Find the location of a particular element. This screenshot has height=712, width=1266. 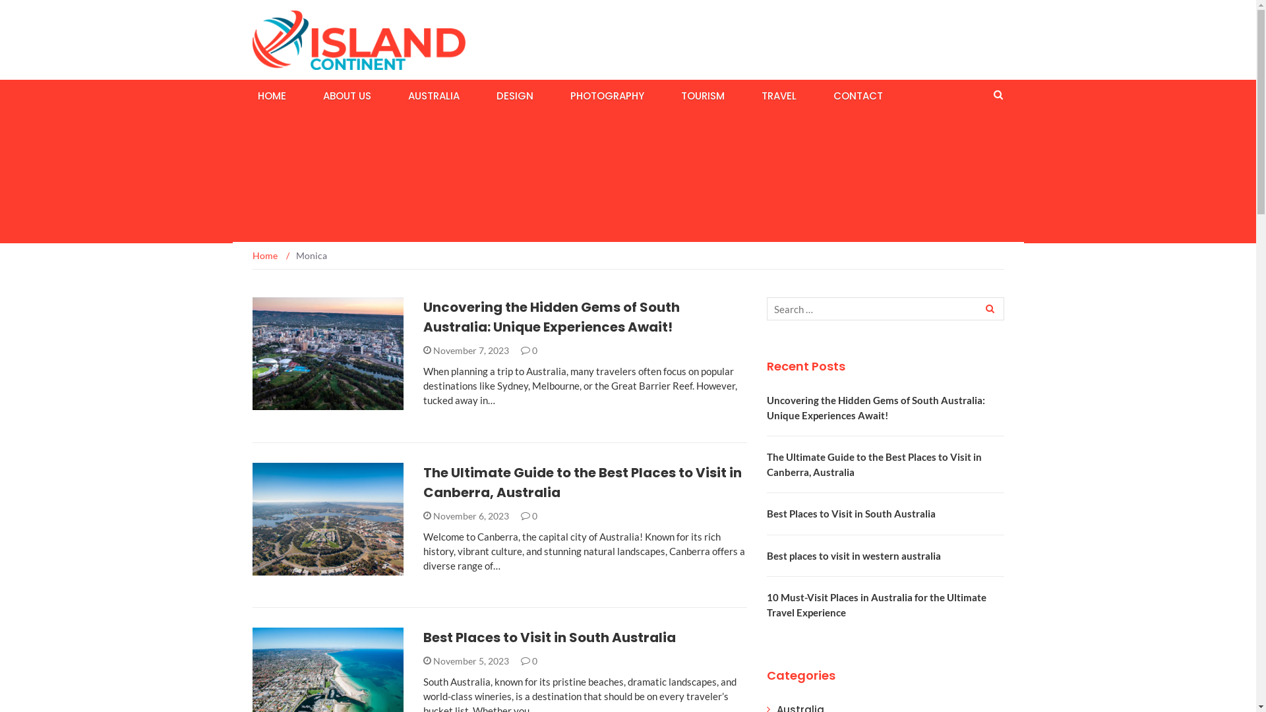

'AUSTRALIA' is located at coordinates (433, 94).